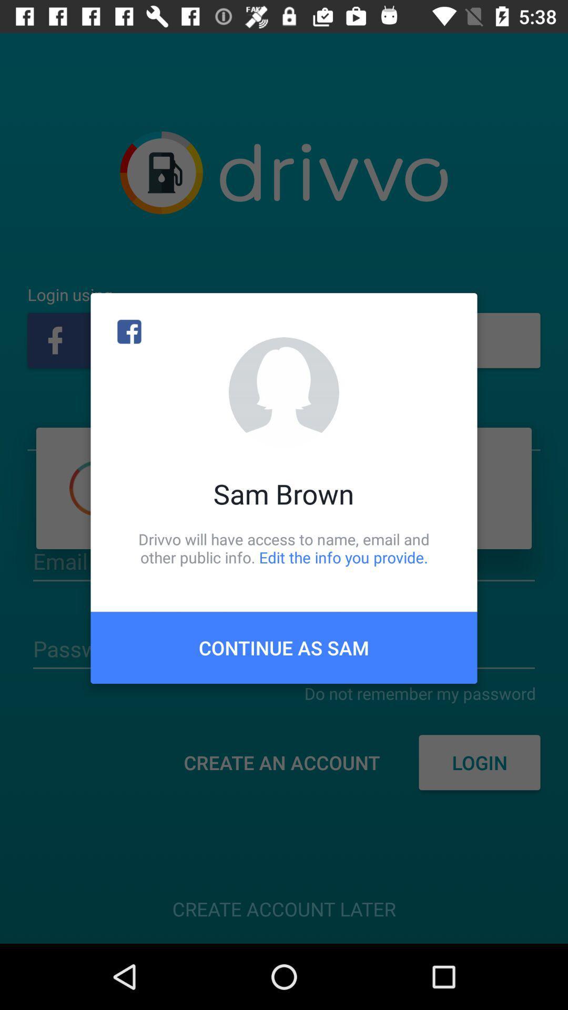  Describe the element at coordinates (284, 548) in the screenshot. I see `icon above continue as sam item` at that location.